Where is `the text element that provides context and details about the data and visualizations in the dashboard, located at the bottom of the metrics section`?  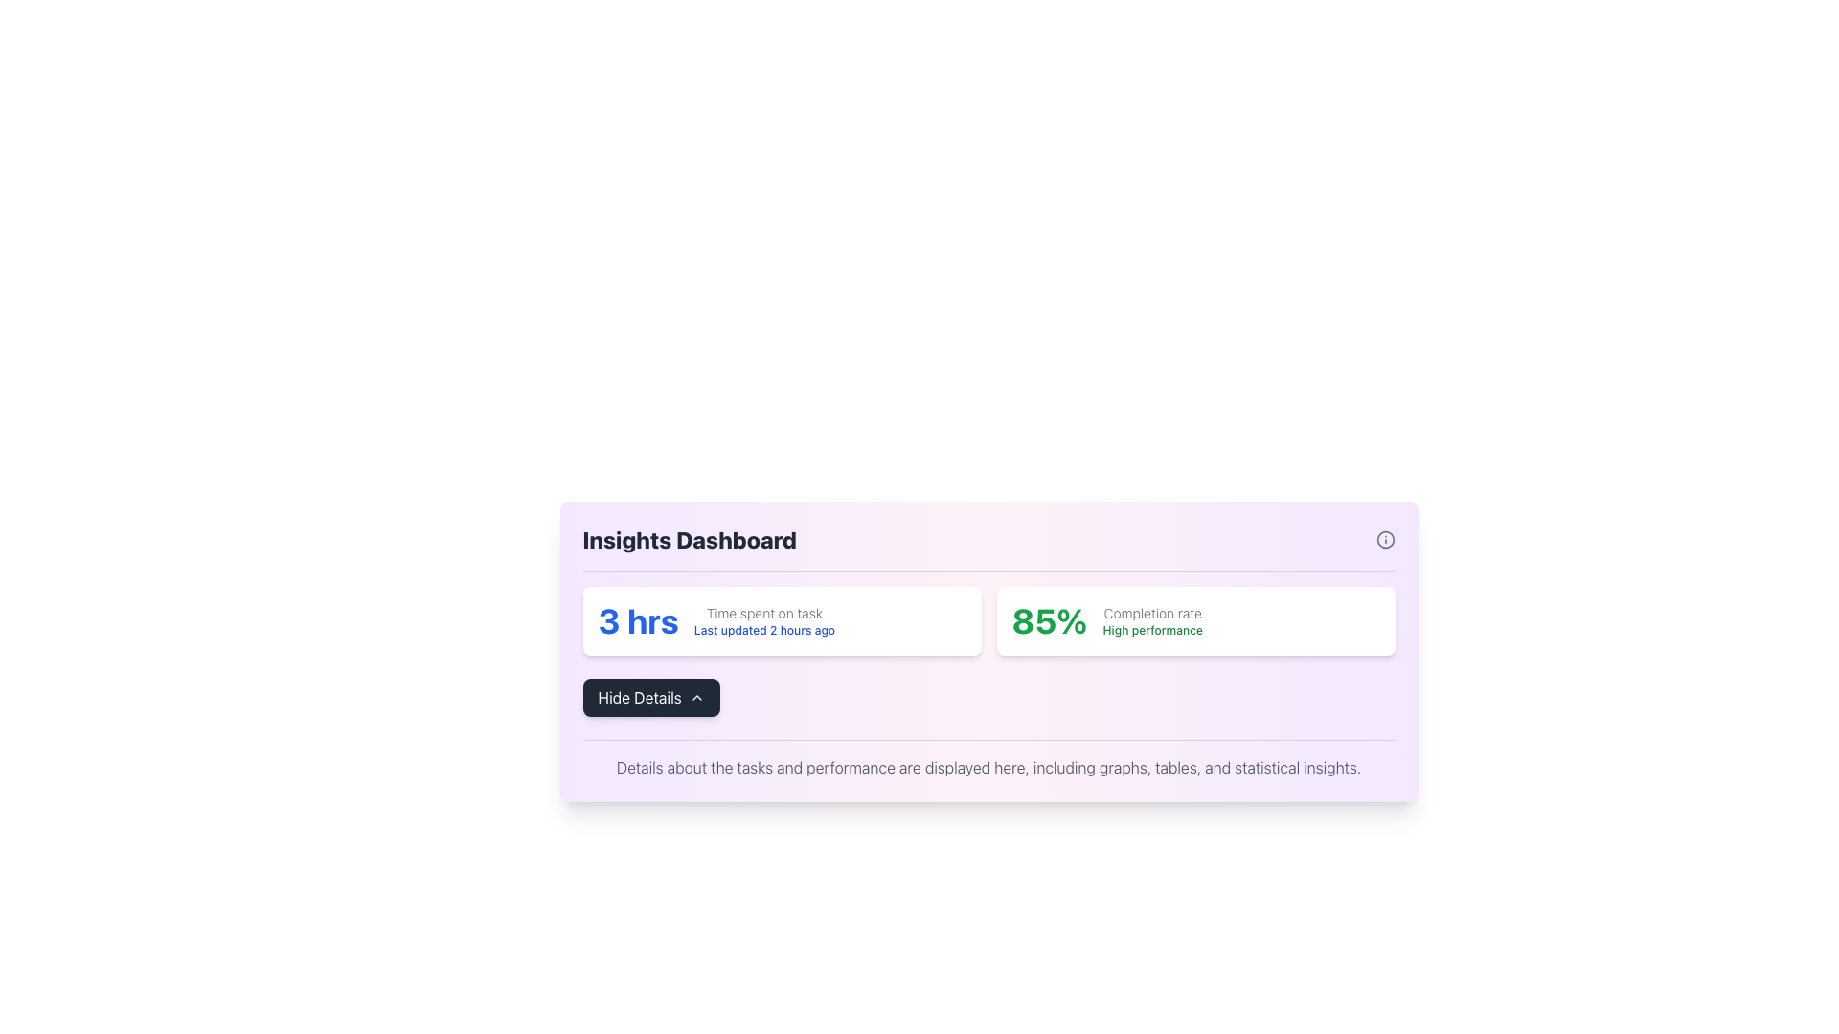 the text element that provides context and details about the data and visualizations in the dashboard, located at the bottom of the metrics section is located at coordinates (988, 767).